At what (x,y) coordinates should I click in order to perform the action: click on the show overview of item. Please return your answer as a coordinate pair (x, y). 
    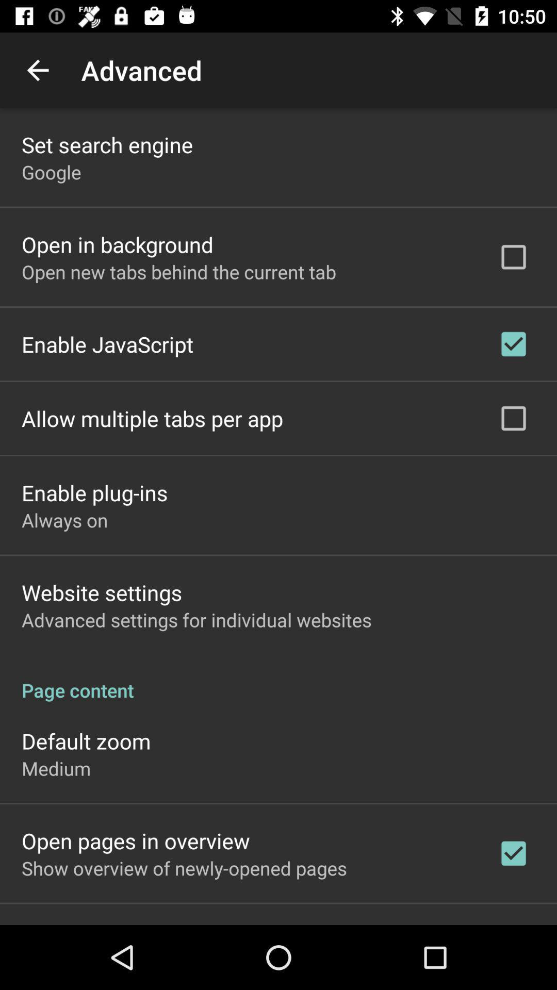
    Looking at the image, I should click on (184, 867).